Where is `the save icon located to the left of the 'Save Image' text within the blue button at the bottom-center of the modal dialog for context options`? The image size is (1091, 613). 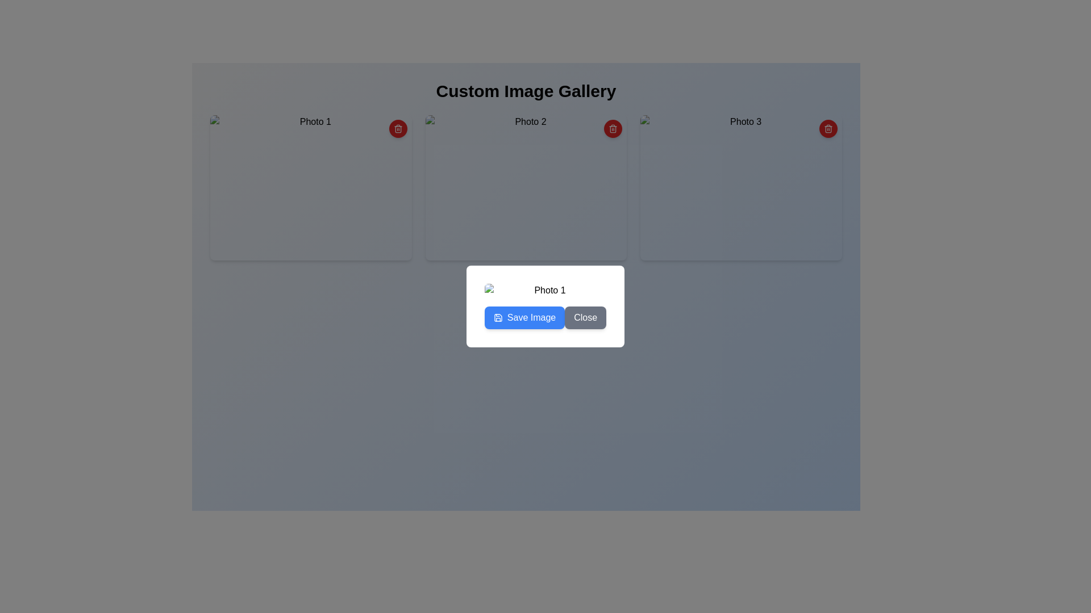
the save icon located to the left of the 'Save Image' text within the blue button at the bottom-center of the modal dialog for context options is located at coordinates (498, 317).